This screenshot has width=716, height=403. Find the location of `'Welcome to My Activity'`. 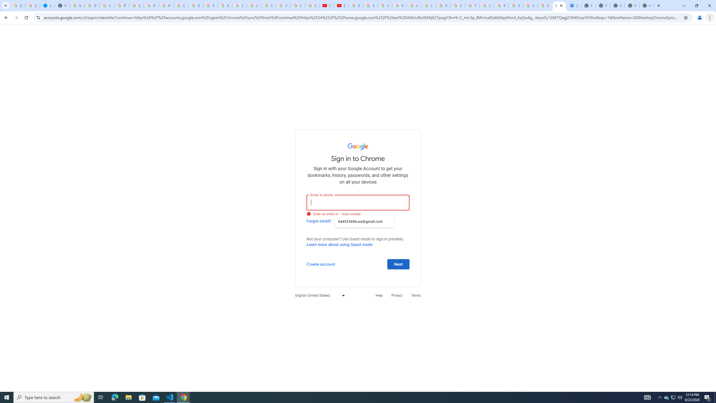

'Welcome to My Activity' is located at coordinates (268, 5).